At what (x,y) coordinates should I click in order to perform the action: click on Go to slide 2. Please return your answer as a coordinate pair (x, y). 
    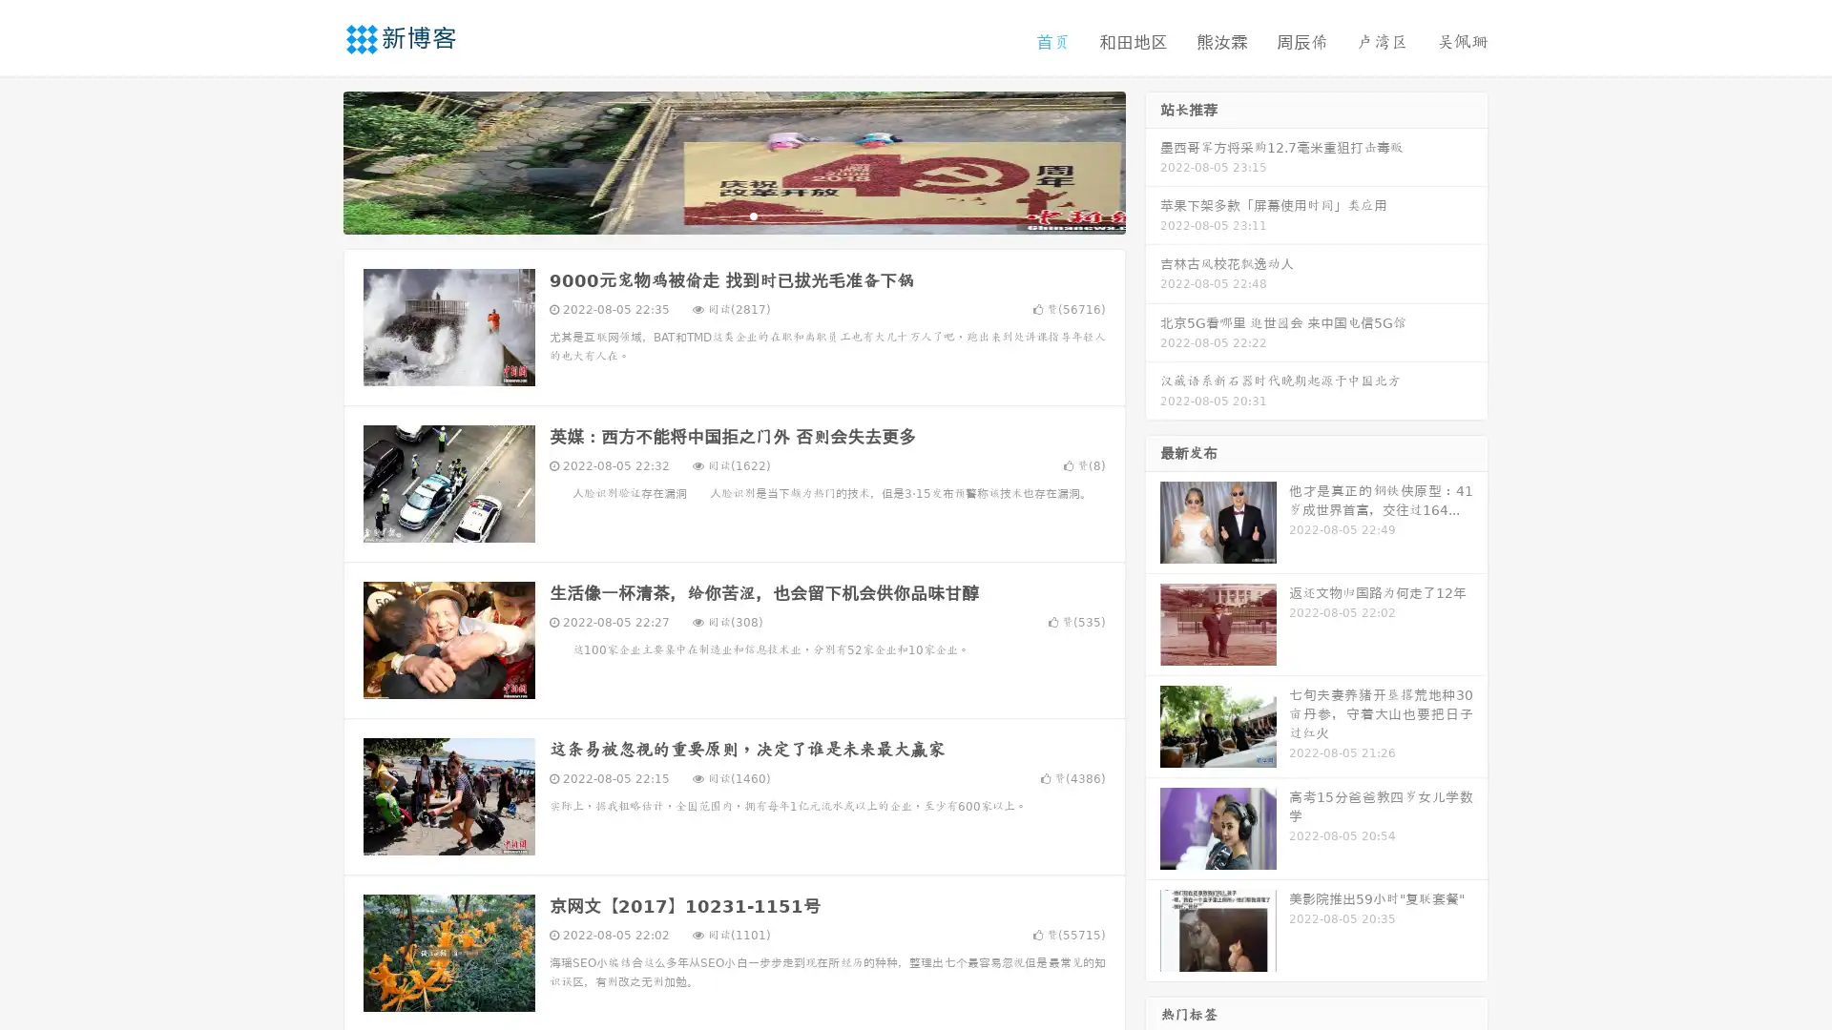
    Looking at the image, I should click on (733, 215).